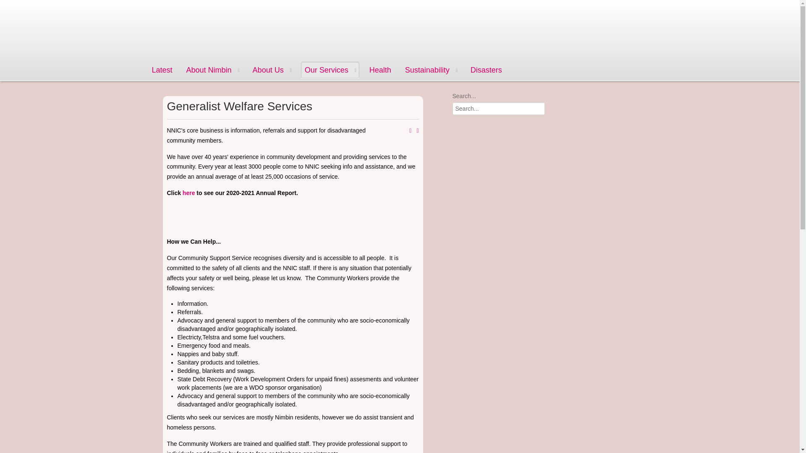  Describe the element at coordinates (380, 69) in the screenshot. I see `'Health'` at that location.